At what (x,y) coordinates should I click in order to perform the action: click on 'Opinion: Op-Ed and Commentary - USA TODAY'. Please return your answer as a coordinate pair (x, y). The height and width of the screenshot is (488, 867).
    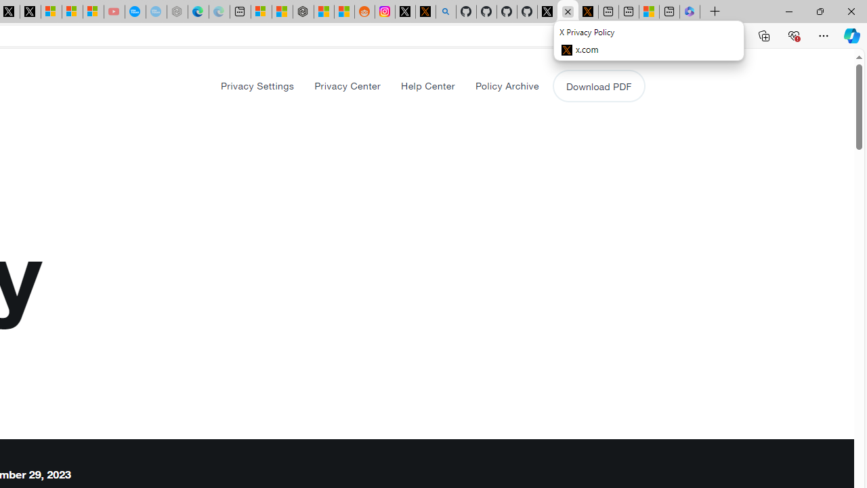
    Looking at the image, I should click on (135, 12).